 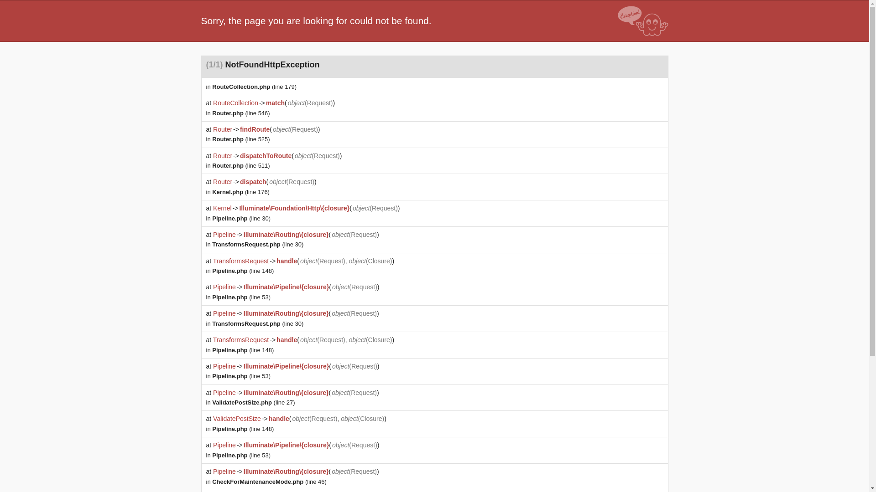 What do you see at coordinates (253, 402) in the screenshot?
I see `'ValidatePostSize.php (line 27)'` at bounding box center [253, 402].